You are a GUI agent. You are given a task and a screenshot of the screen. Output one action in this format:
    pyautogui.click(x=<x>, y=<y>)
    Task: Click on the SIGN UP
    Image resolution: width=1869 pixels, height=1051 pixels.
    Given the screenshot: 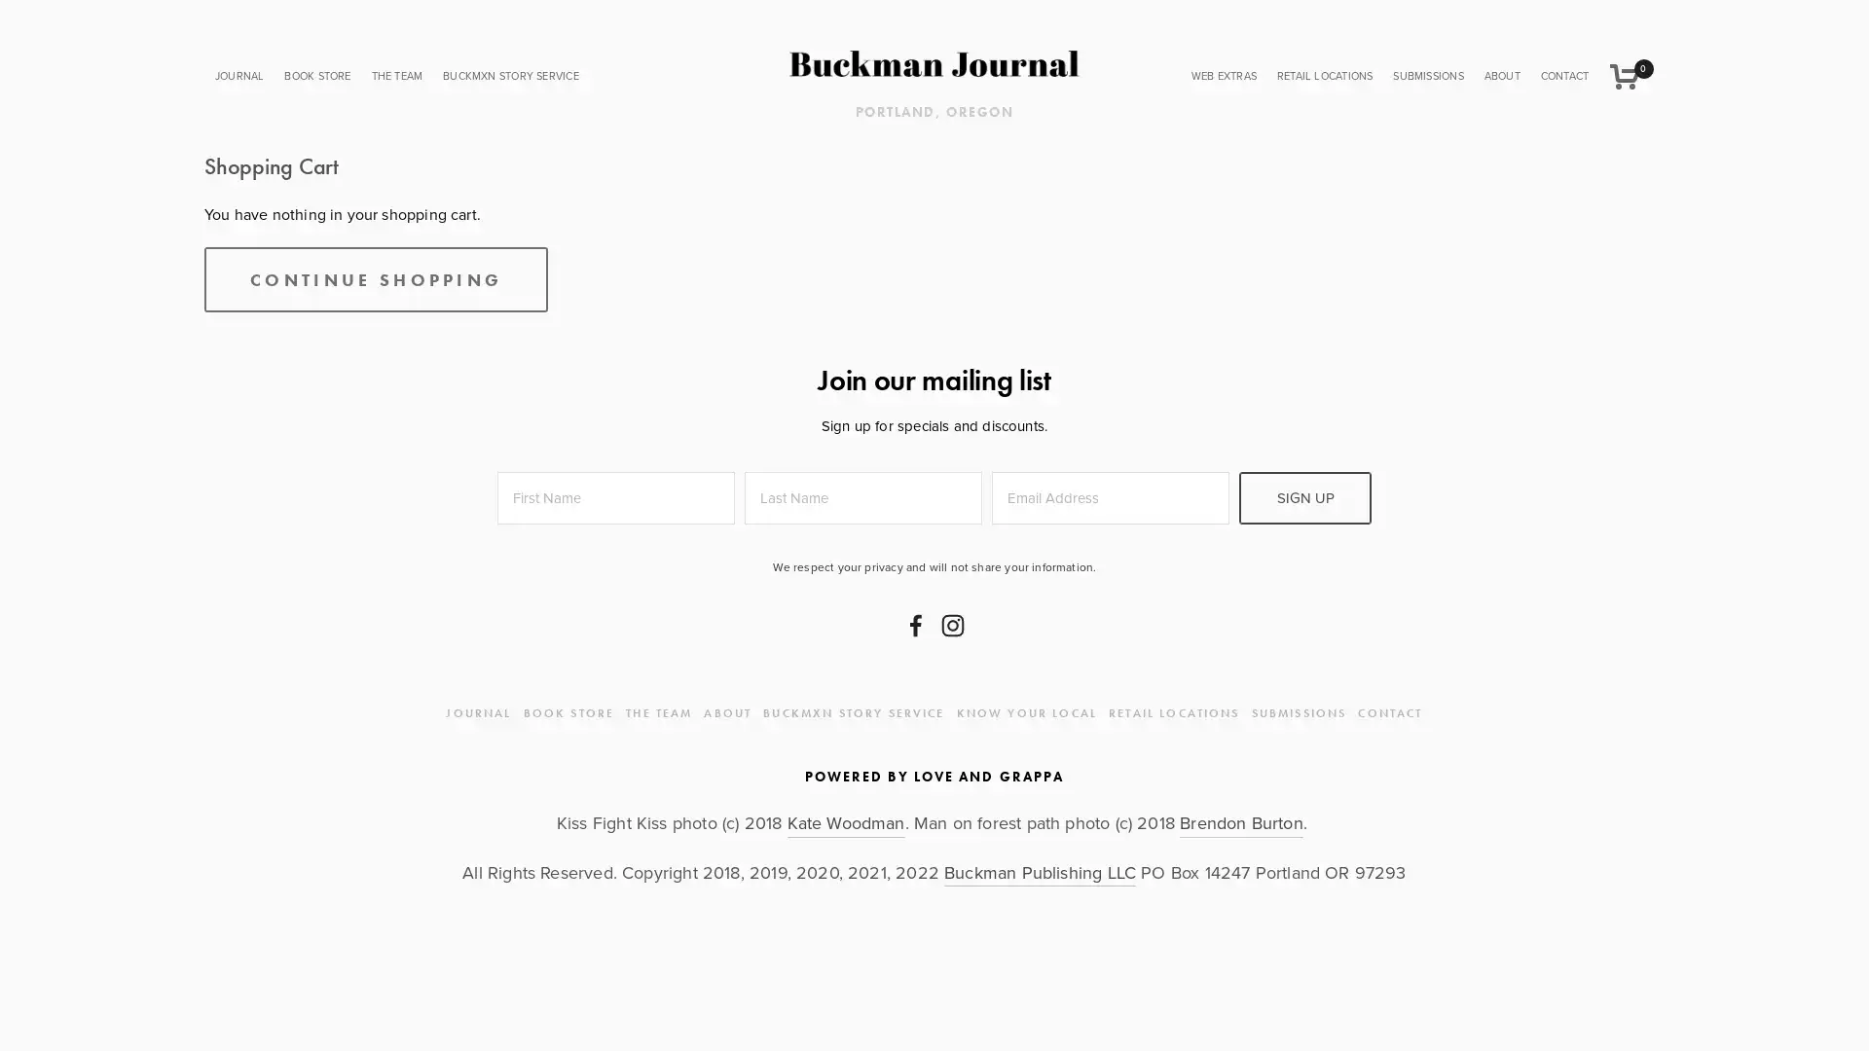 What is the action you would take?
    pyautogui.click(x=1304, y=497)
    